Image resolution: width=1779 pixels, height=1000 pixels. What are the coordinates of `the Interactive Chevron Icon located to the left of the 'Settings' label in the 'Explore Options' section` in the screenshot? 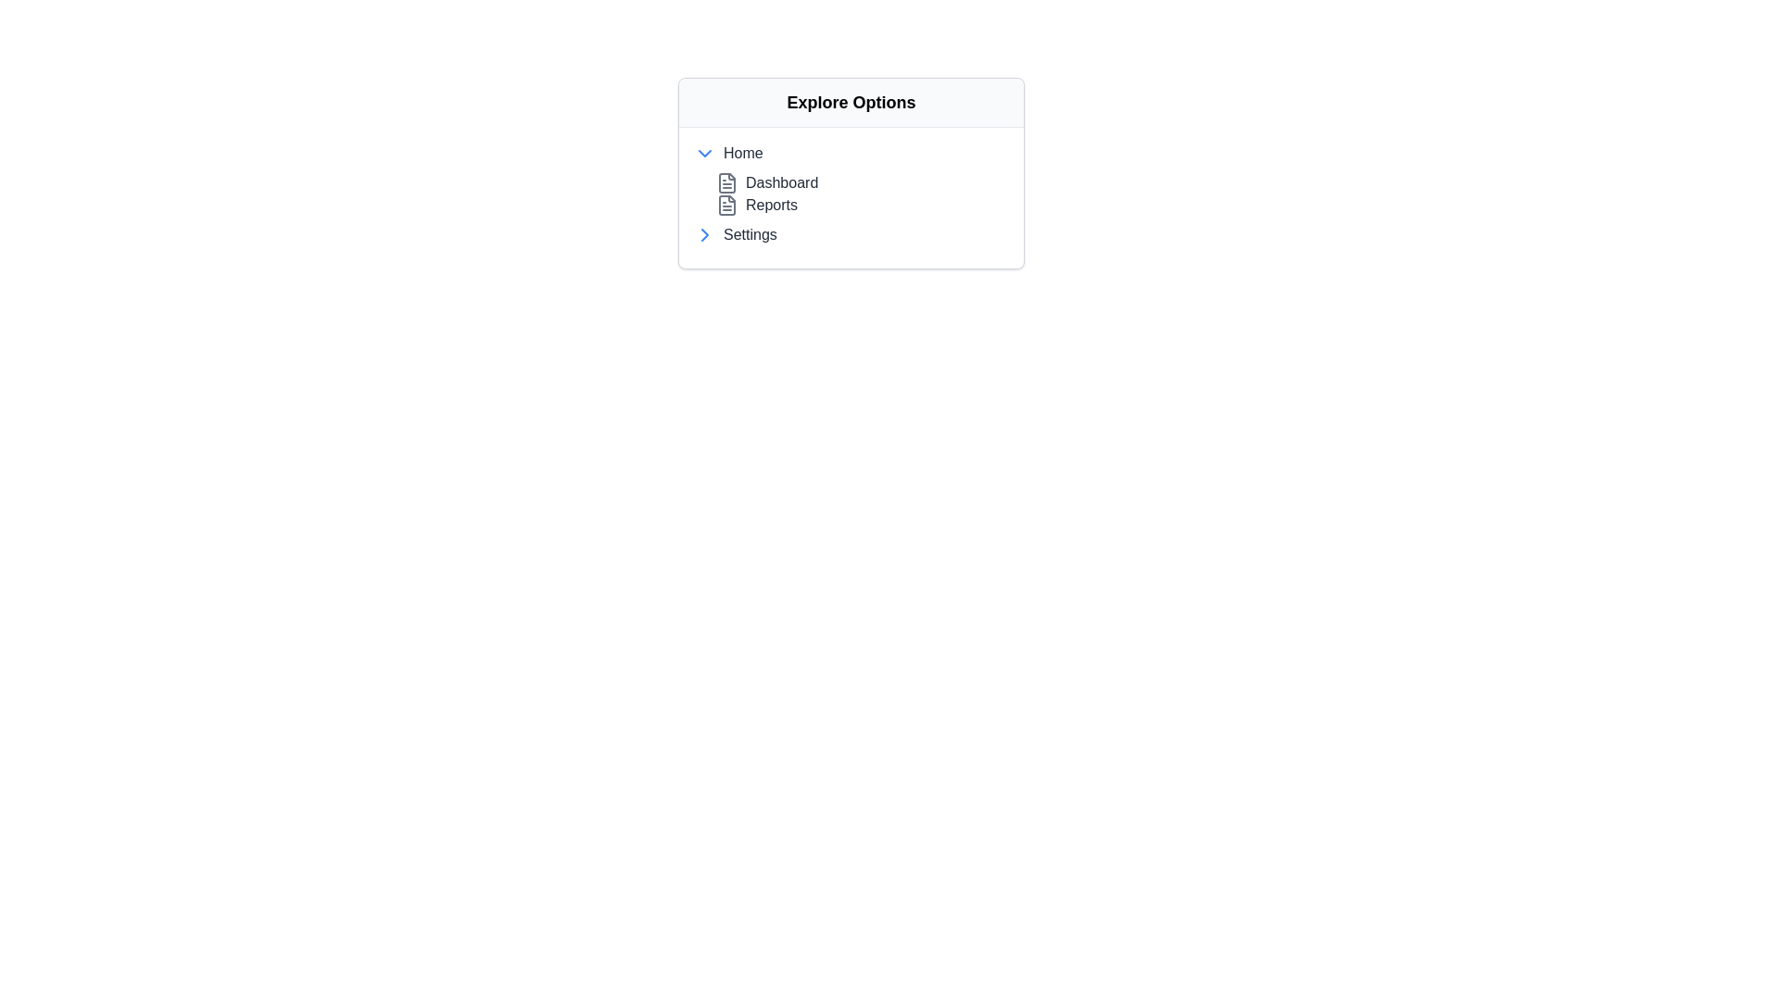 It's located at (704, 234).